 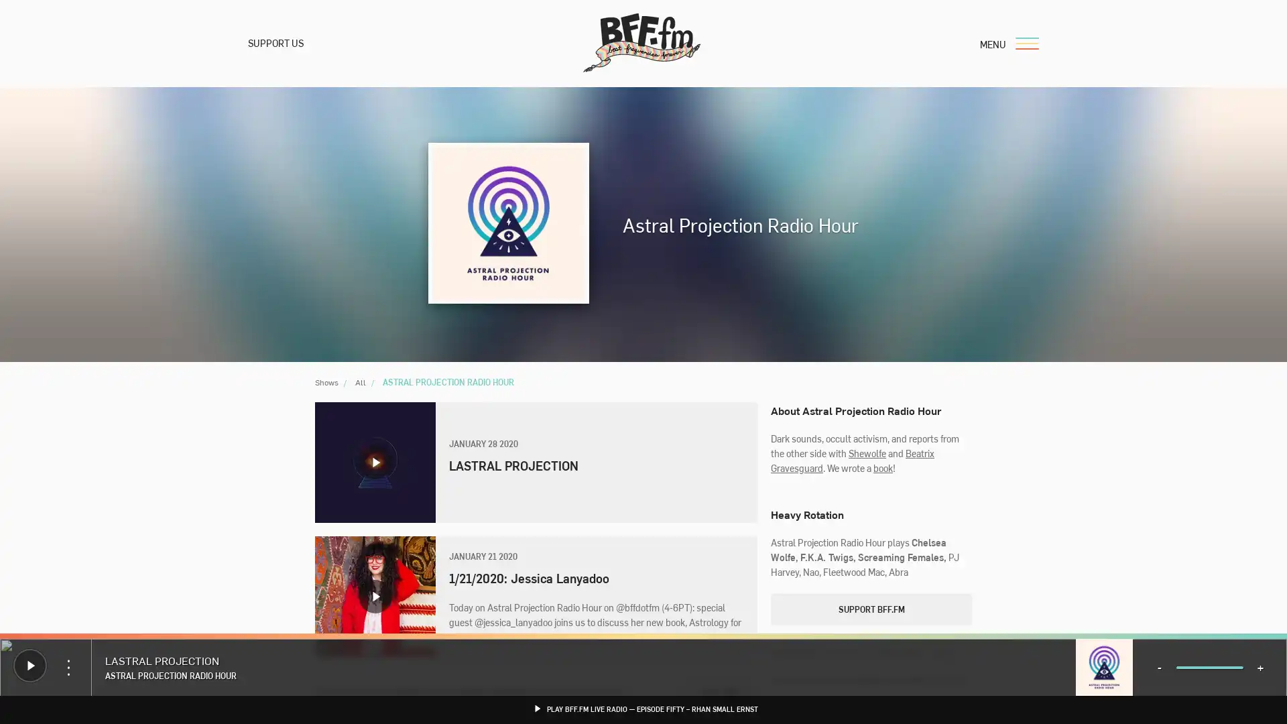 What do you see at coordinates (29, 665) in the screenshot?
I see `Play` at bounding box center [29, 665].